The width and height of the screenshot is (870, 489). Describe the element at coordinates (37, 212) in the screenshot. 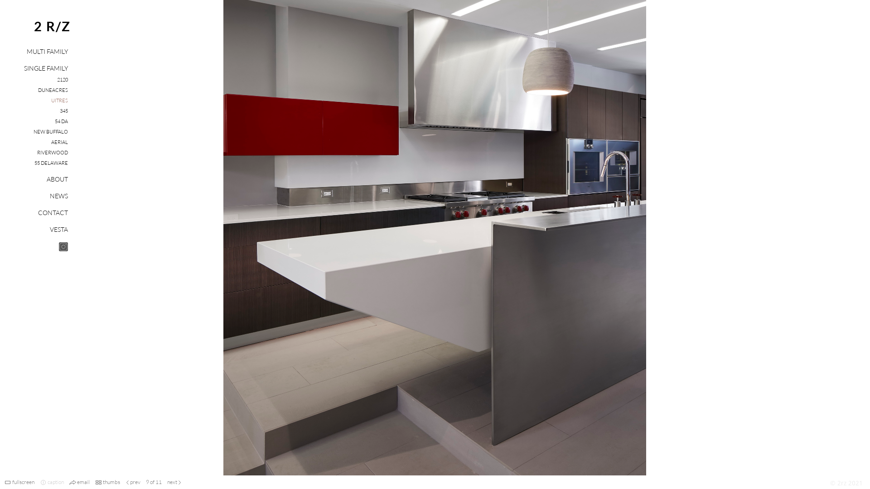

I see `'CONTACT'` at that location.